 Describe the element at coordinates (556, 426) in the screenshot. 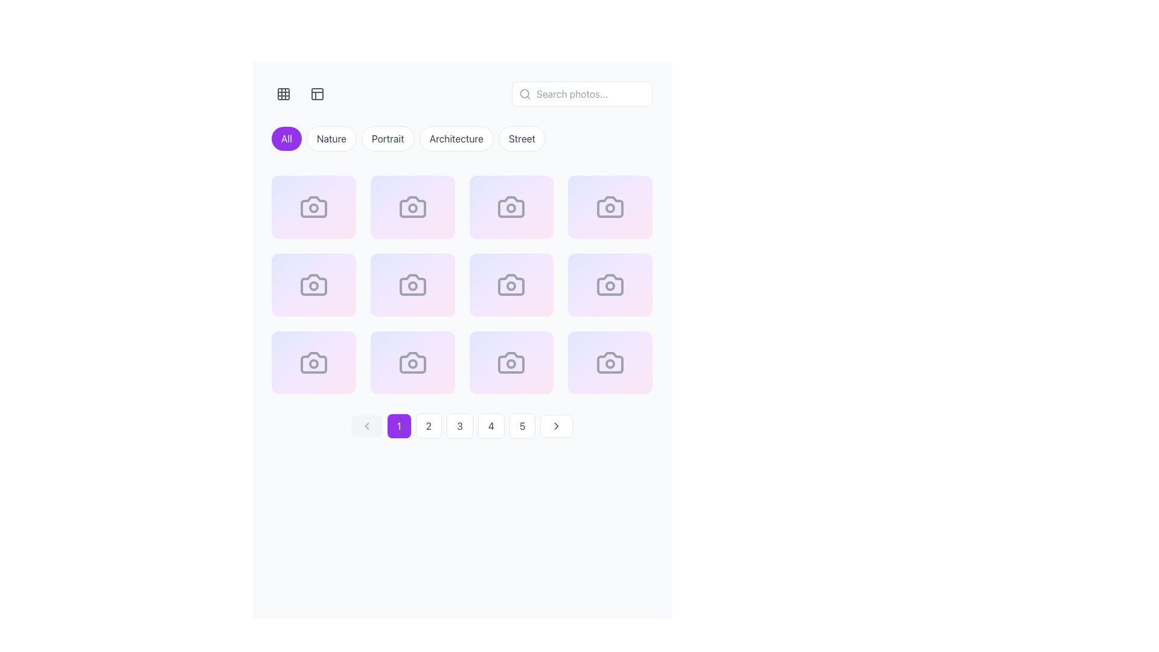

I see `the rightward arrow icon located in the fifth pagination button, which is part of the pagination controls at the bottom center of the interface` at that location.